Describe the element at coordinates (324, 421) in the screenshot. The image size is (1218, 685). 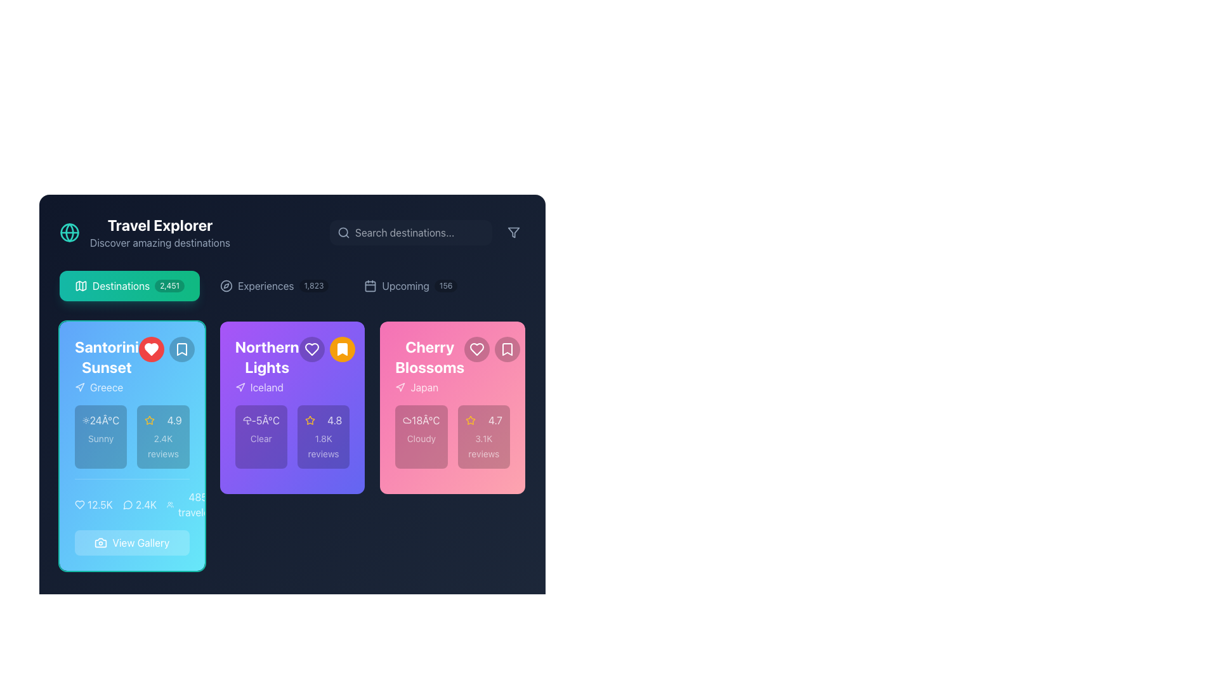
I see `the visual representation of the rating score for the 'Northern Lights' experience, located in the upper-center part of the purple card next to the yellow star icon` at that location.